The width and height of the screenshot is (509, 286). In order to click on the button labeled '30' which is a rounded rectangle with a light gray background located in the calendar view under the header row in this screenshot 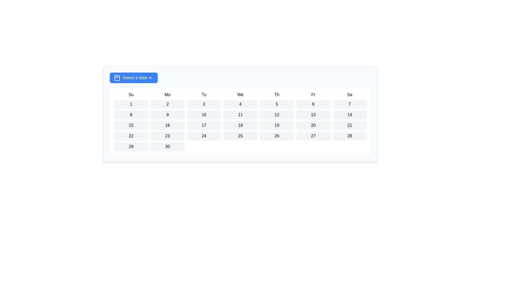, I will do `click(167, 147)`.